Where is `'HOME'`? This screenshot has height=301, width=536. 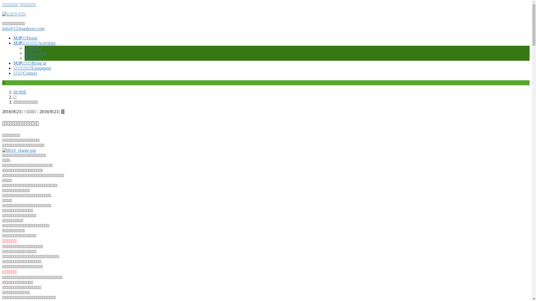 'HOME' is located at coordinates (20, 92).